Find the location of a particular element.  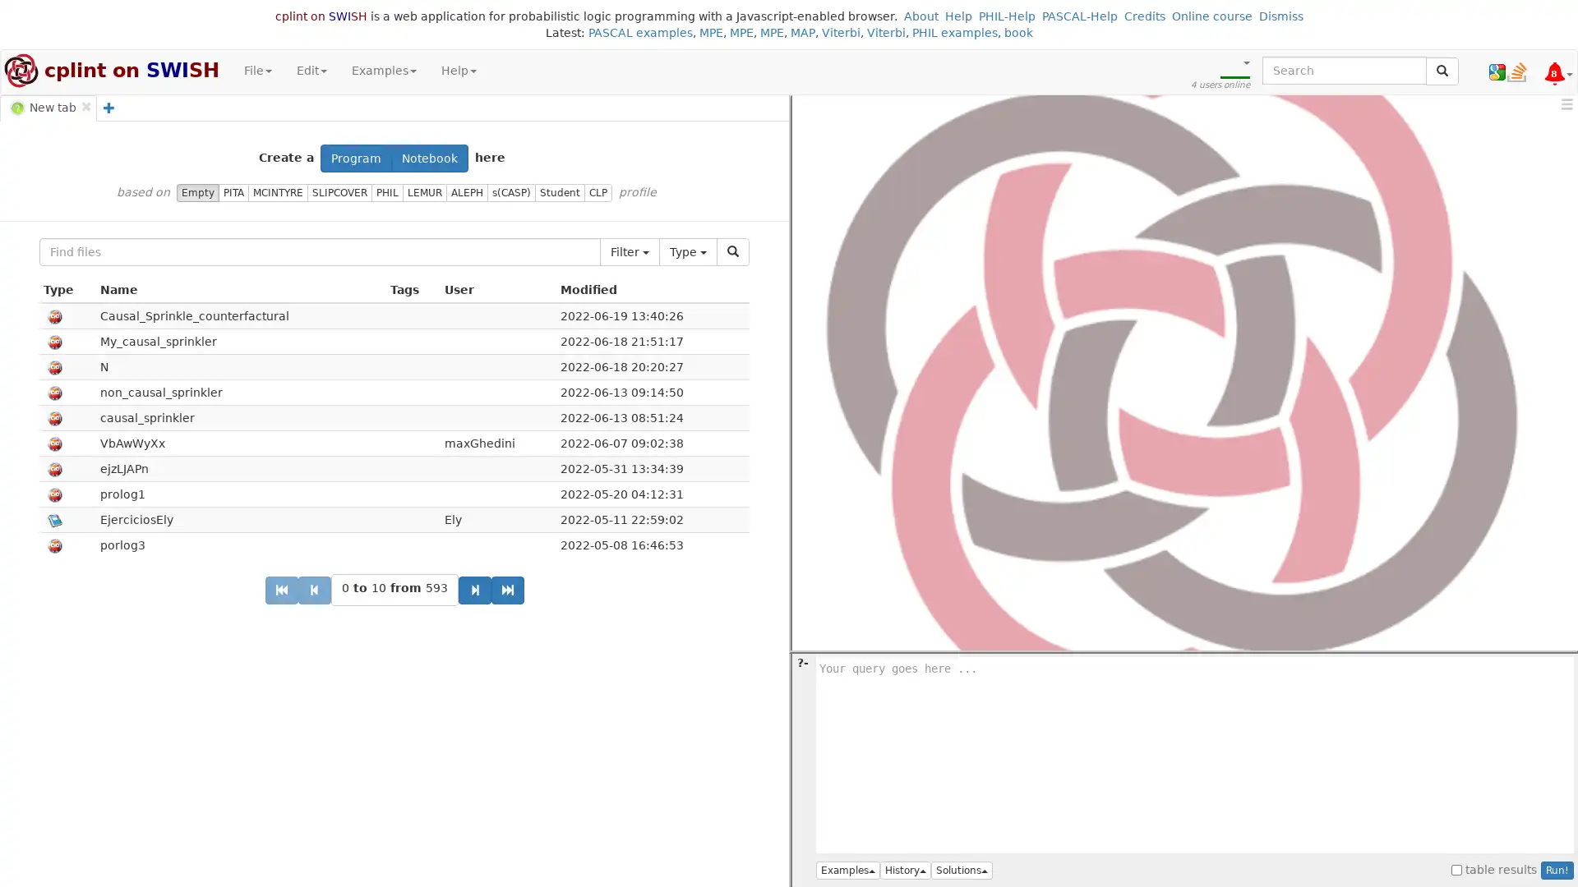

Program is located at coordinates (355, 158).